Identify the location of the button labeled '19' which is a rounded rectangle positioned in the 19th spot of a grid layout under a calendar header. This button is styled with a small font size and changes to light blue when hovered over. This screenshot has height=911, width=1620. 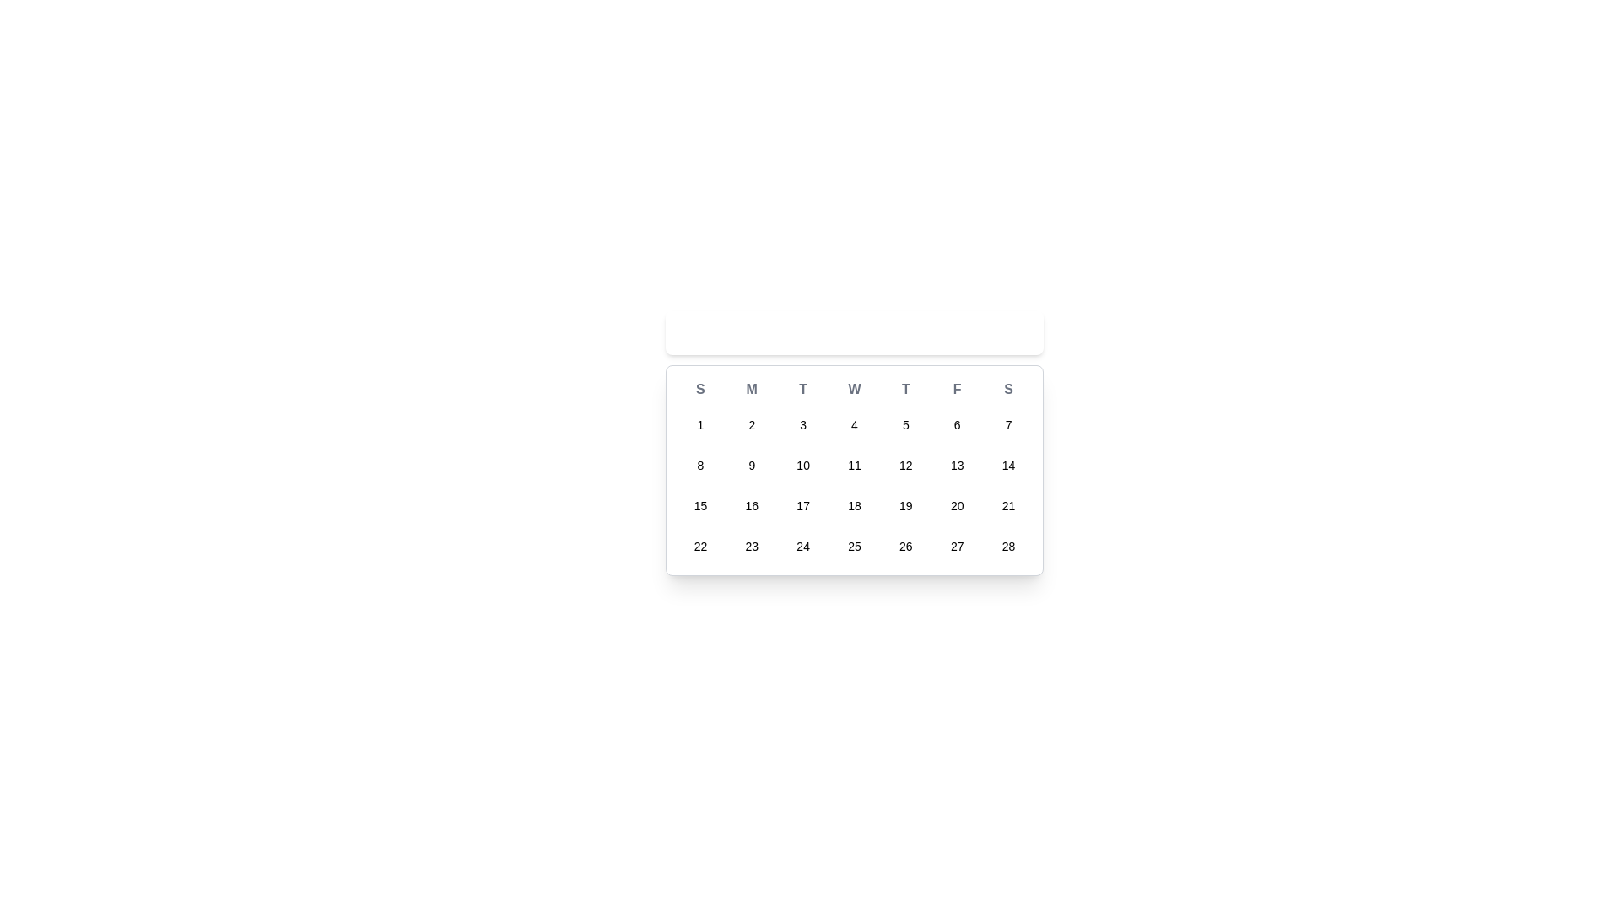
(904, 505).